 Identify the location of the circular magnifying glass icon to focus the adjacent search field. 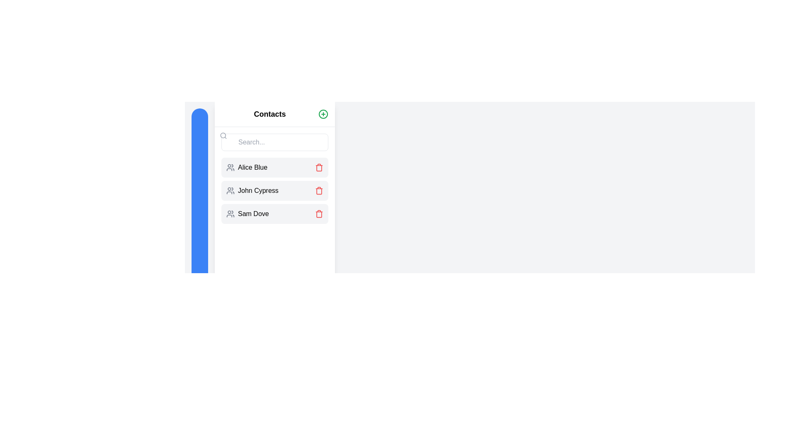
(223, 135).